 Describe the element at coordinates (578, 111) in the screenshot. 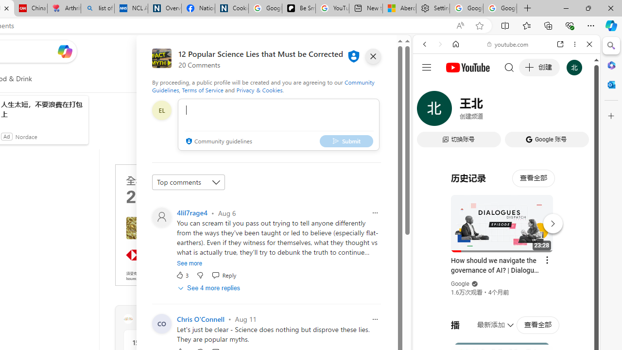

I see `'Class: b_serphb'` at that location.